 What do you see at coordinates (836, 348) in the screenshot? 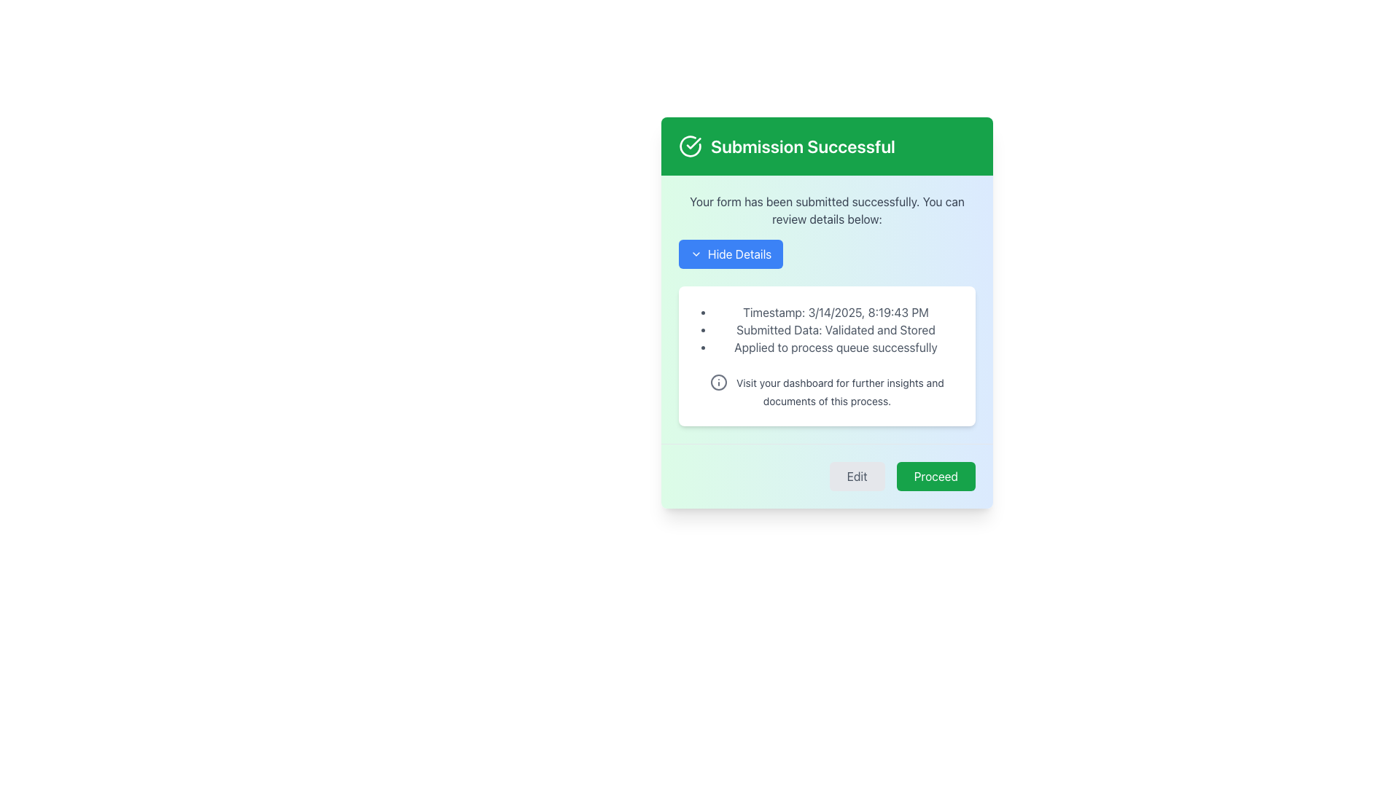
I see `static text indicating successful application to the process queue, which is the third item in the list of messages within the 'Submission Successful' dialog` at bounding box center [836, 348].